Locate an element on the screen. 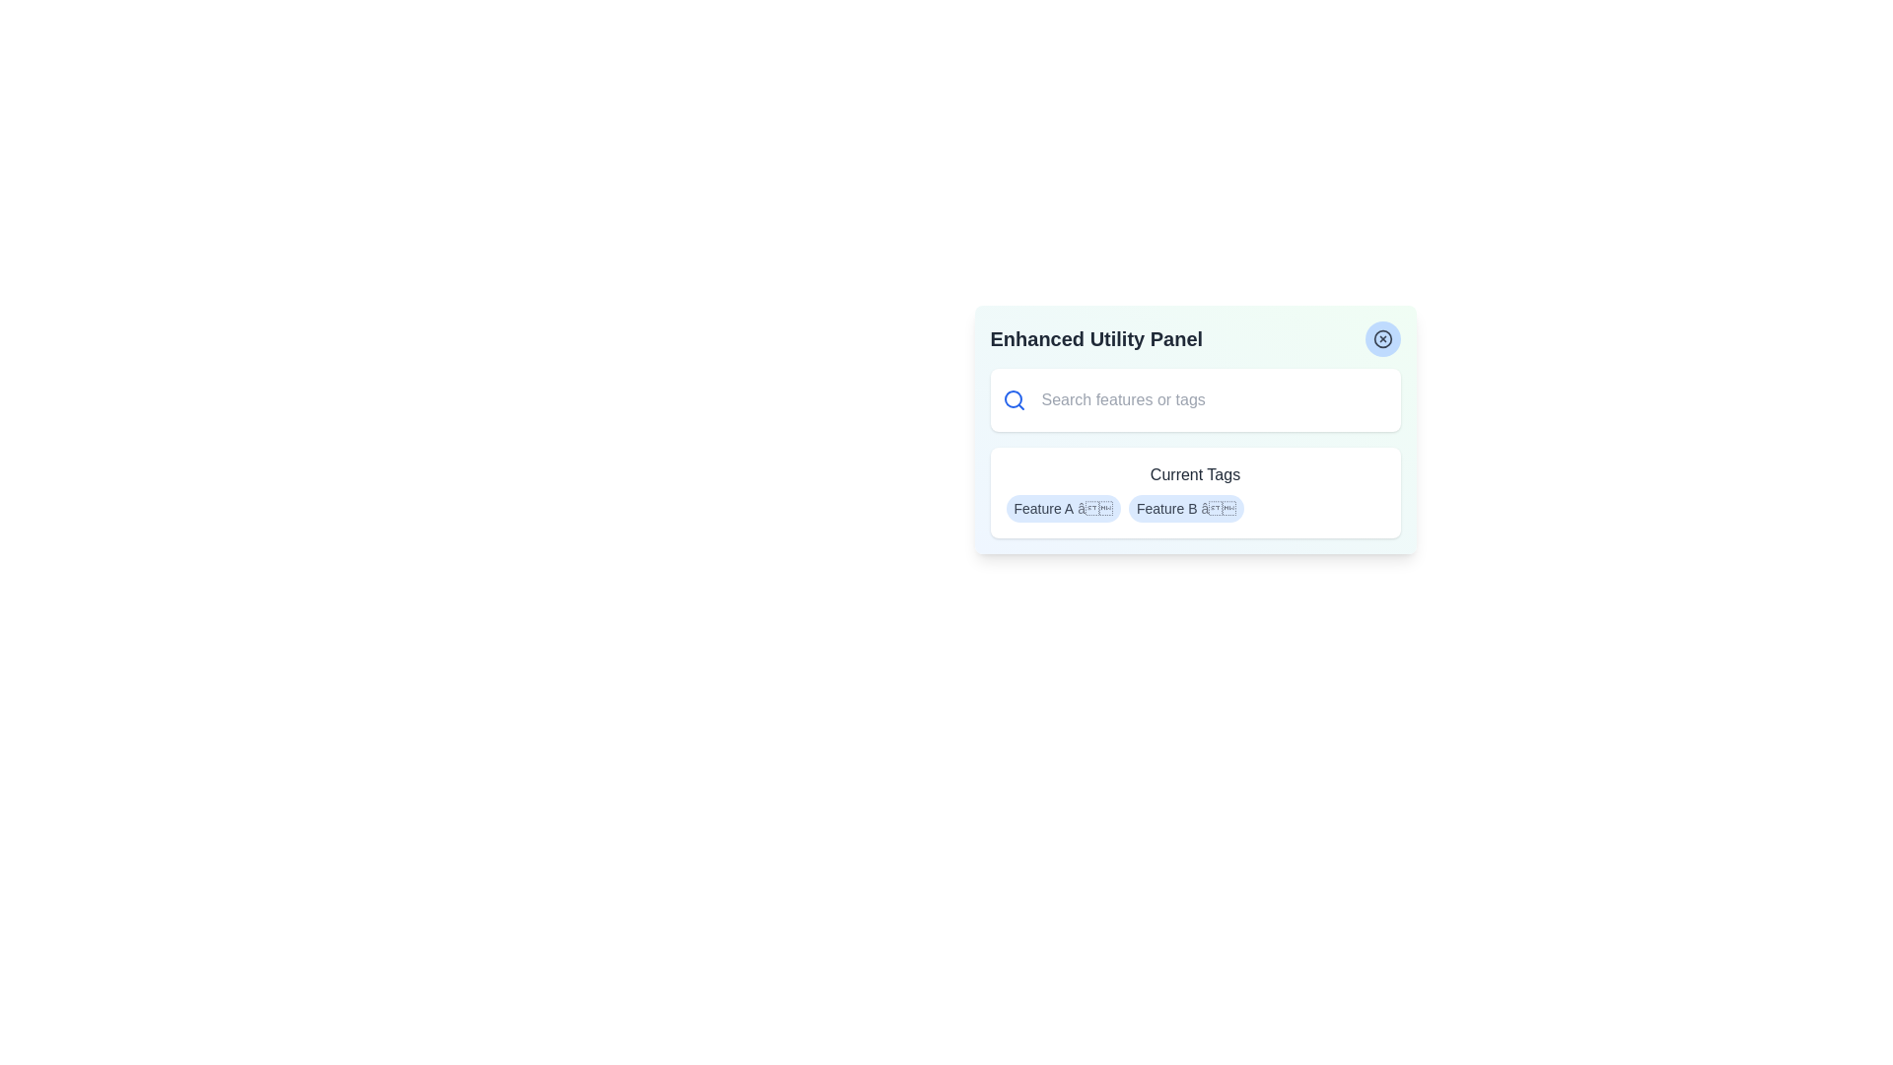 The width and height of the screenshot is (1893, 1065). the 'Current Tags' text label, which is a bold, medium-sized dark gray label located in the secondary content area of a utility panel, centered below a search bar is located at coordinates (1194, 475).